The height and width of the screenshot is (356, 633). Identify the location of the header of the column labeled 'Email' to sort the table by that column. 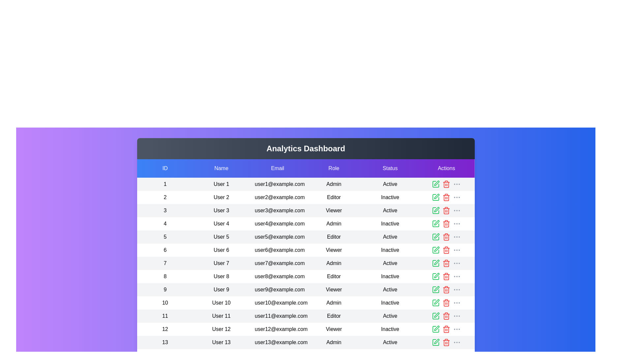
(278, 168).